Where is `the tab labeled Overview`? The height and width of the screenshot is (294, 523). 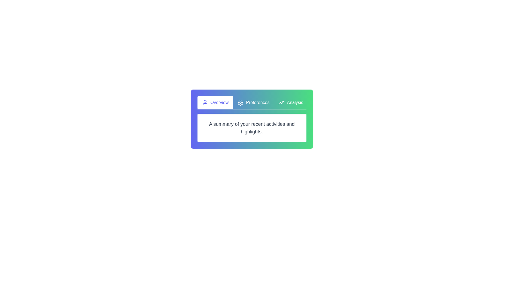 the tab labeled Overview is located at coordinates (214, 103).